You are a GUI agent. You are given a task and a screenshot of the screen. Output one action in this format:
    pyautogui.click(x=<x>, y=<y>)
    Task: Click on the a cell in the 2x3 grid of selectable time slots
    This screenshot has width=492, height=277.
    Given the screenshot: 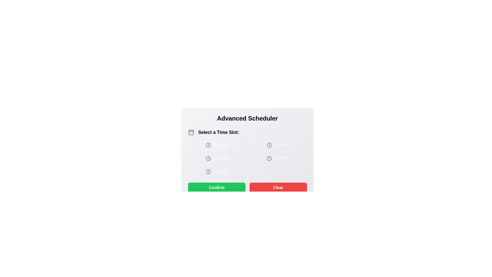 What is the action you would take?
    pyautogui.click(x=247, y=158)
    